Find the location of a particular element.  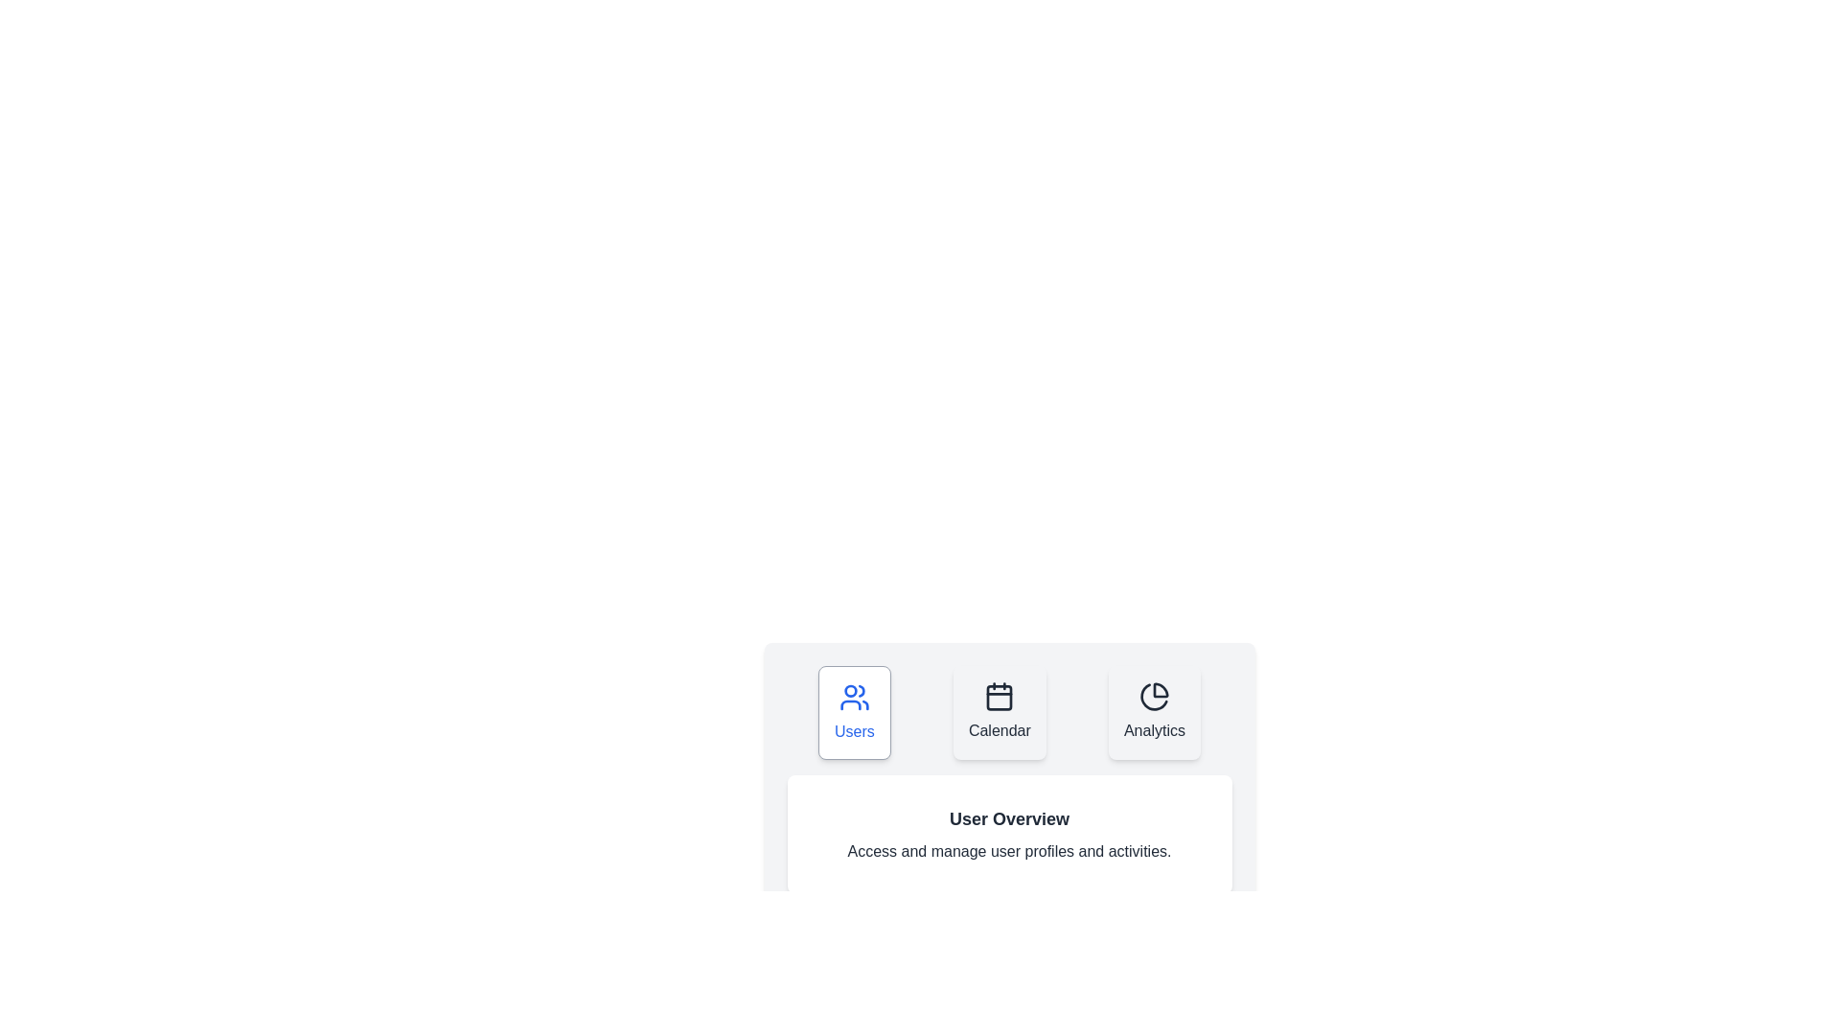

the text label that displays the word 'Users', styled in medium-weight blue font, located beneath the user icon in a button-like component is located at coordinates (853, 731).